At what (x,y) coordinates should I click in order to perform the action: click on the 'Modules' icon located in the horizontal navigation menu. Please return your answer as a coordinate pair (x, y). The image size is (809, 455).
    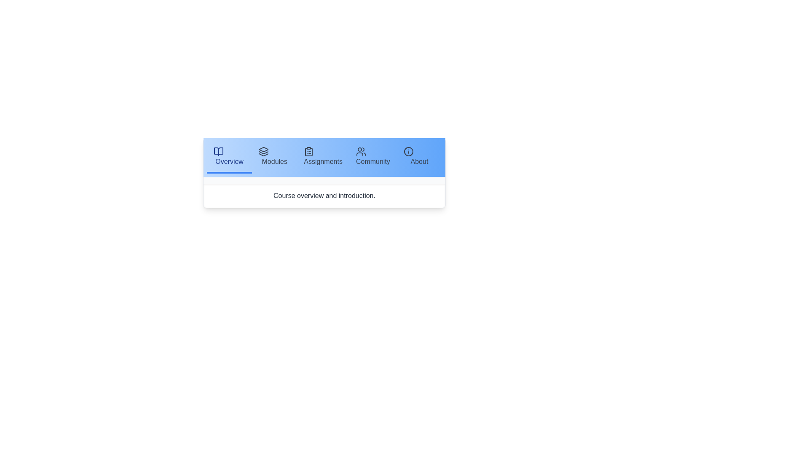
    Looking at the image, I should click on (263, 151).